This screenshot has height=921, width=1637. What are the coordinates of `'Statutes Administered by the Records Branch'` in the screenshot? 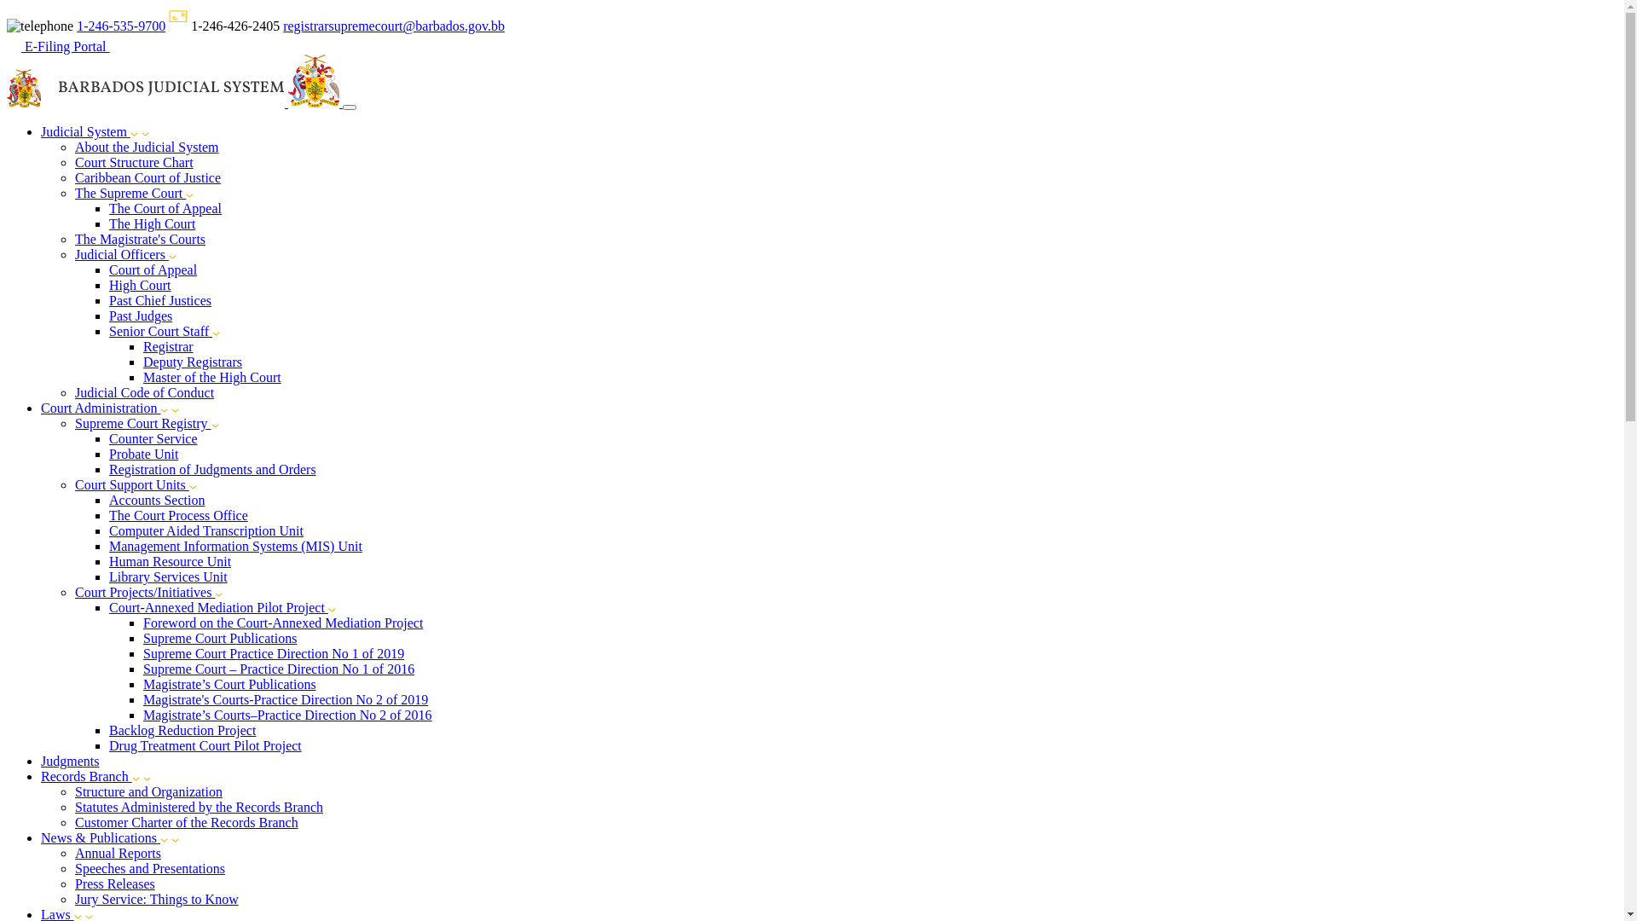 It's located at (199, 806).